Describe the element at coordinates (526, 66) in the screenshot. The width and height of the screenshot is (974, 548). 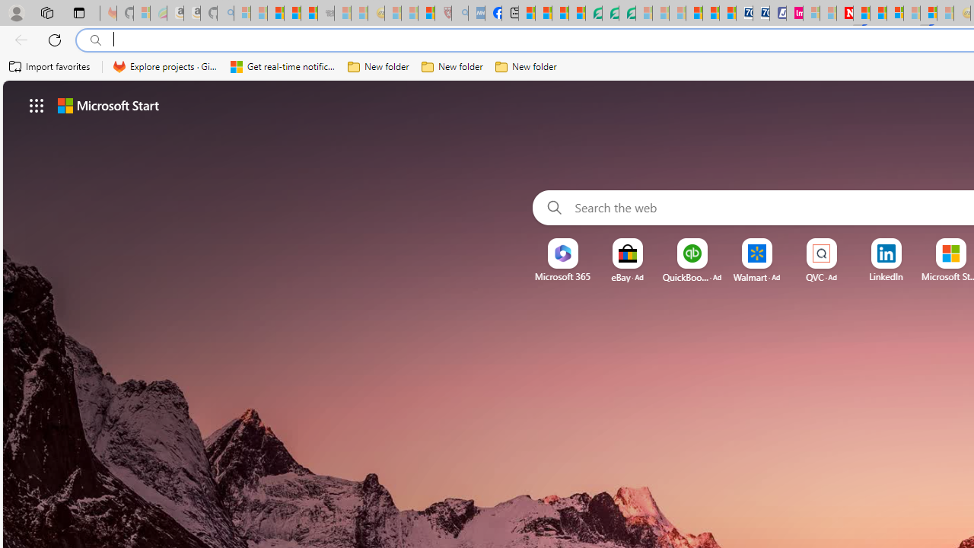
I see `'New folder'` at that location.